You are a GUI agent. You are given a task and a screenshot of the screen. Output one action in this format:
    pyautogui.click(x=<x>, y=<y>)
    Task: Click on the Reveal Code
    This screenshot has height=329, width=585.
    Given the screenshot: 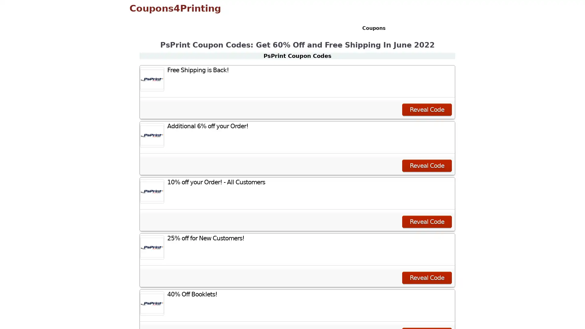 What is the action you would take?
    pyautogui.click(x=427, y=165)
    